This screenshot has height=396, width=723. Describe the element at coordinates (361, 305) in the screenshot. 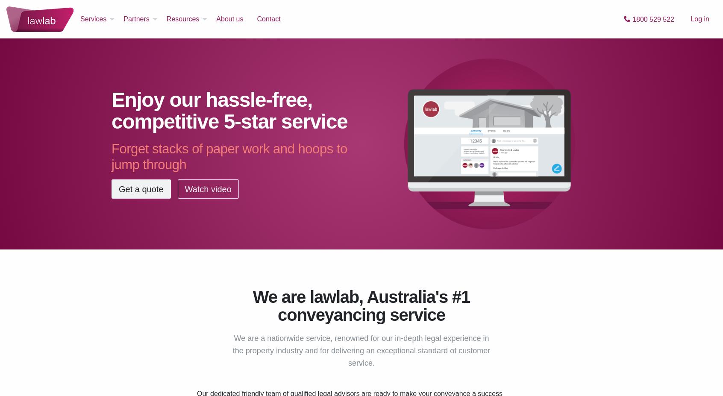

I see `'We are lawlab, Australia's #1 conveyancing service'` at that location.